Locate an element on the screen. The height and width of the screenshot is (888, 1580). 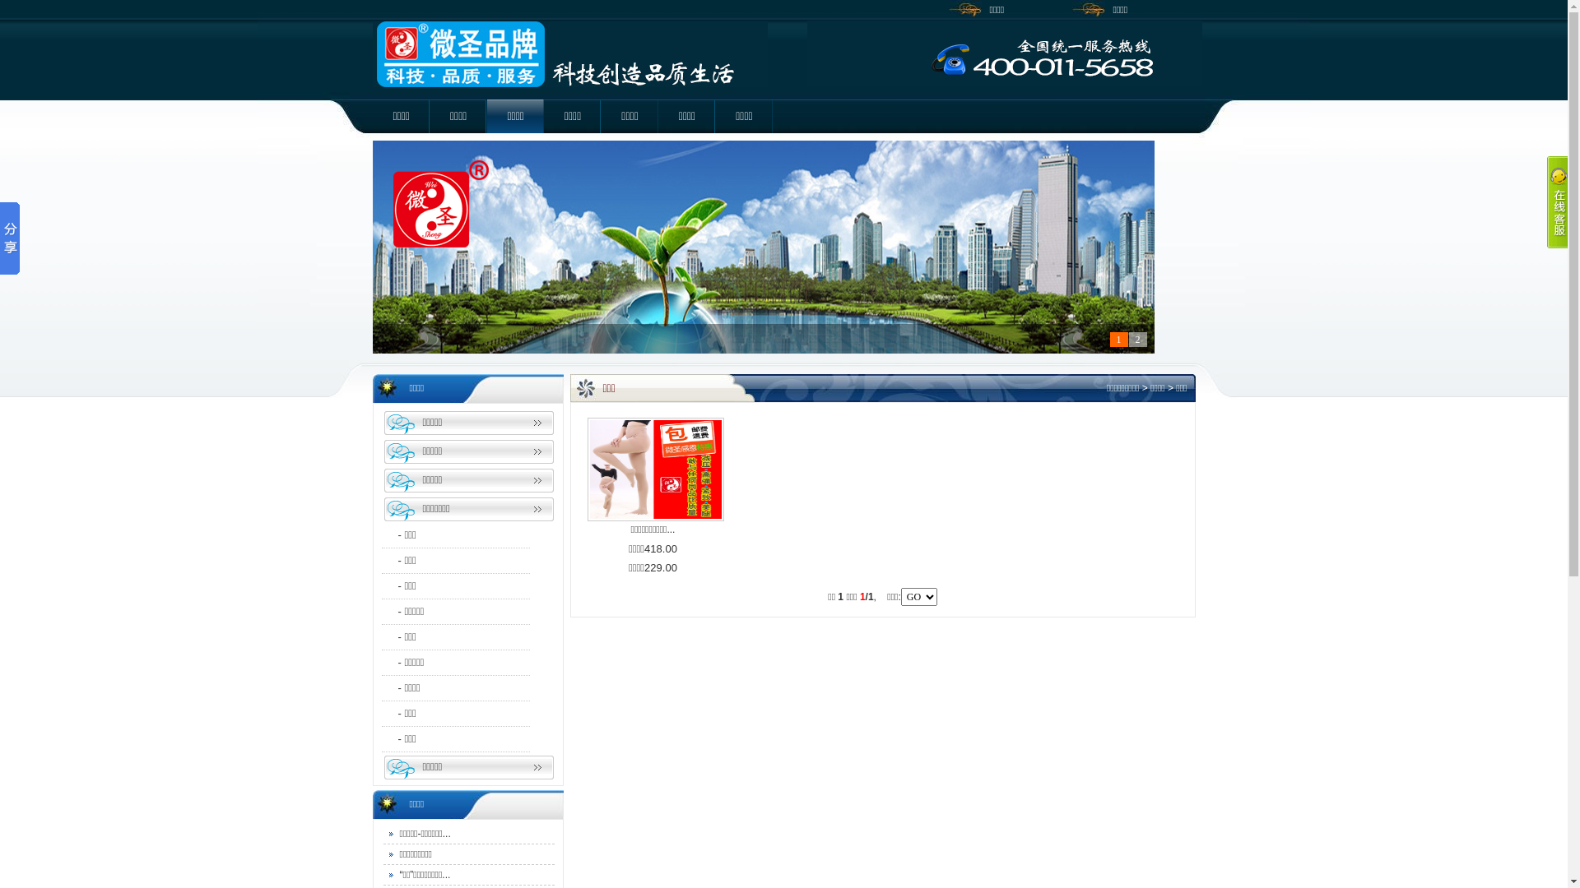
'2' is located at coordinates (1136, 338).